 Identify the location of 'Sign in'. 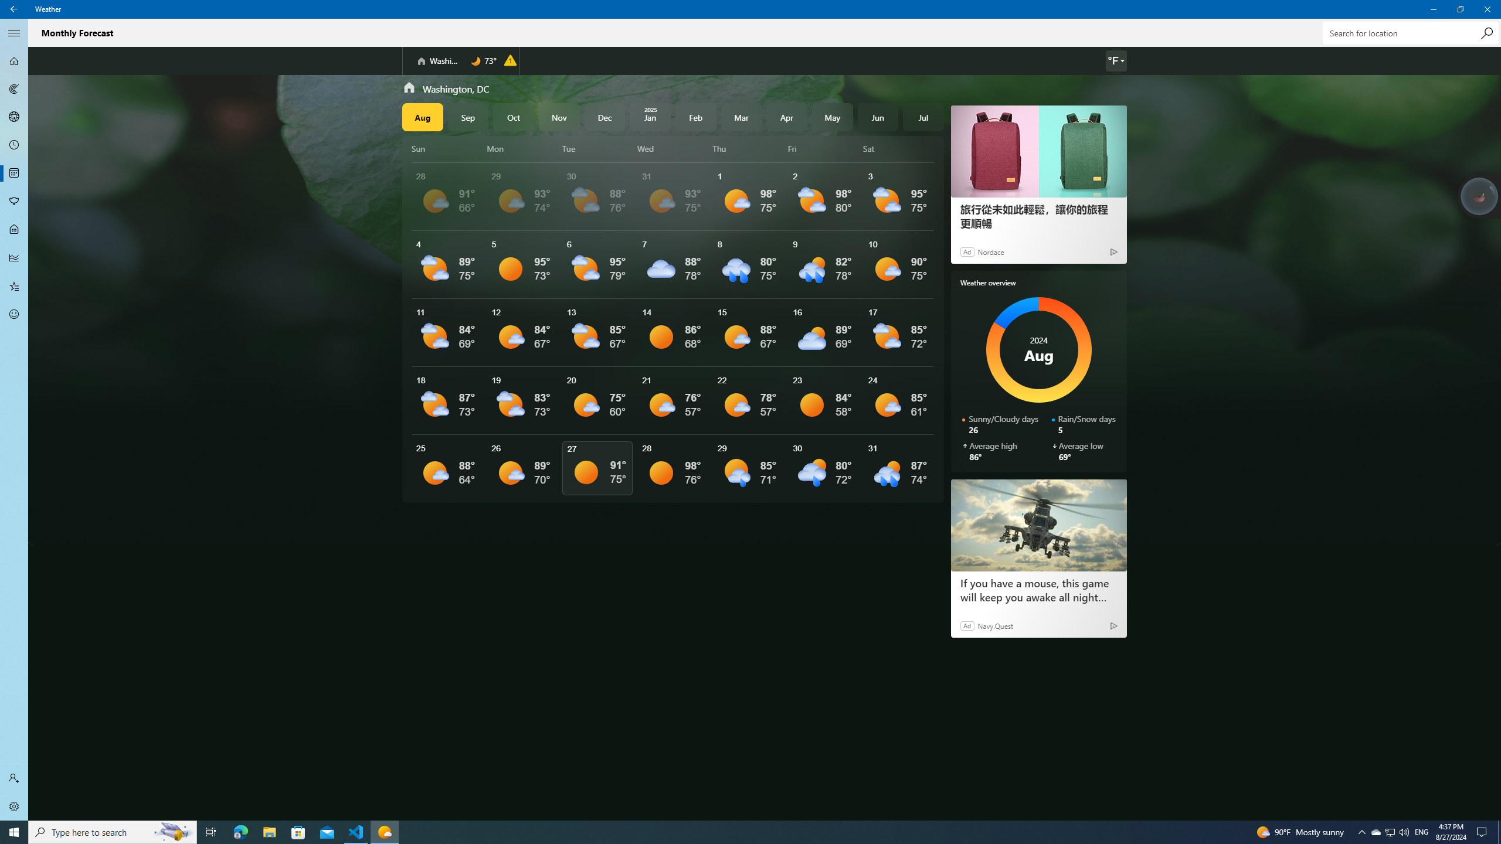
(14, 778).